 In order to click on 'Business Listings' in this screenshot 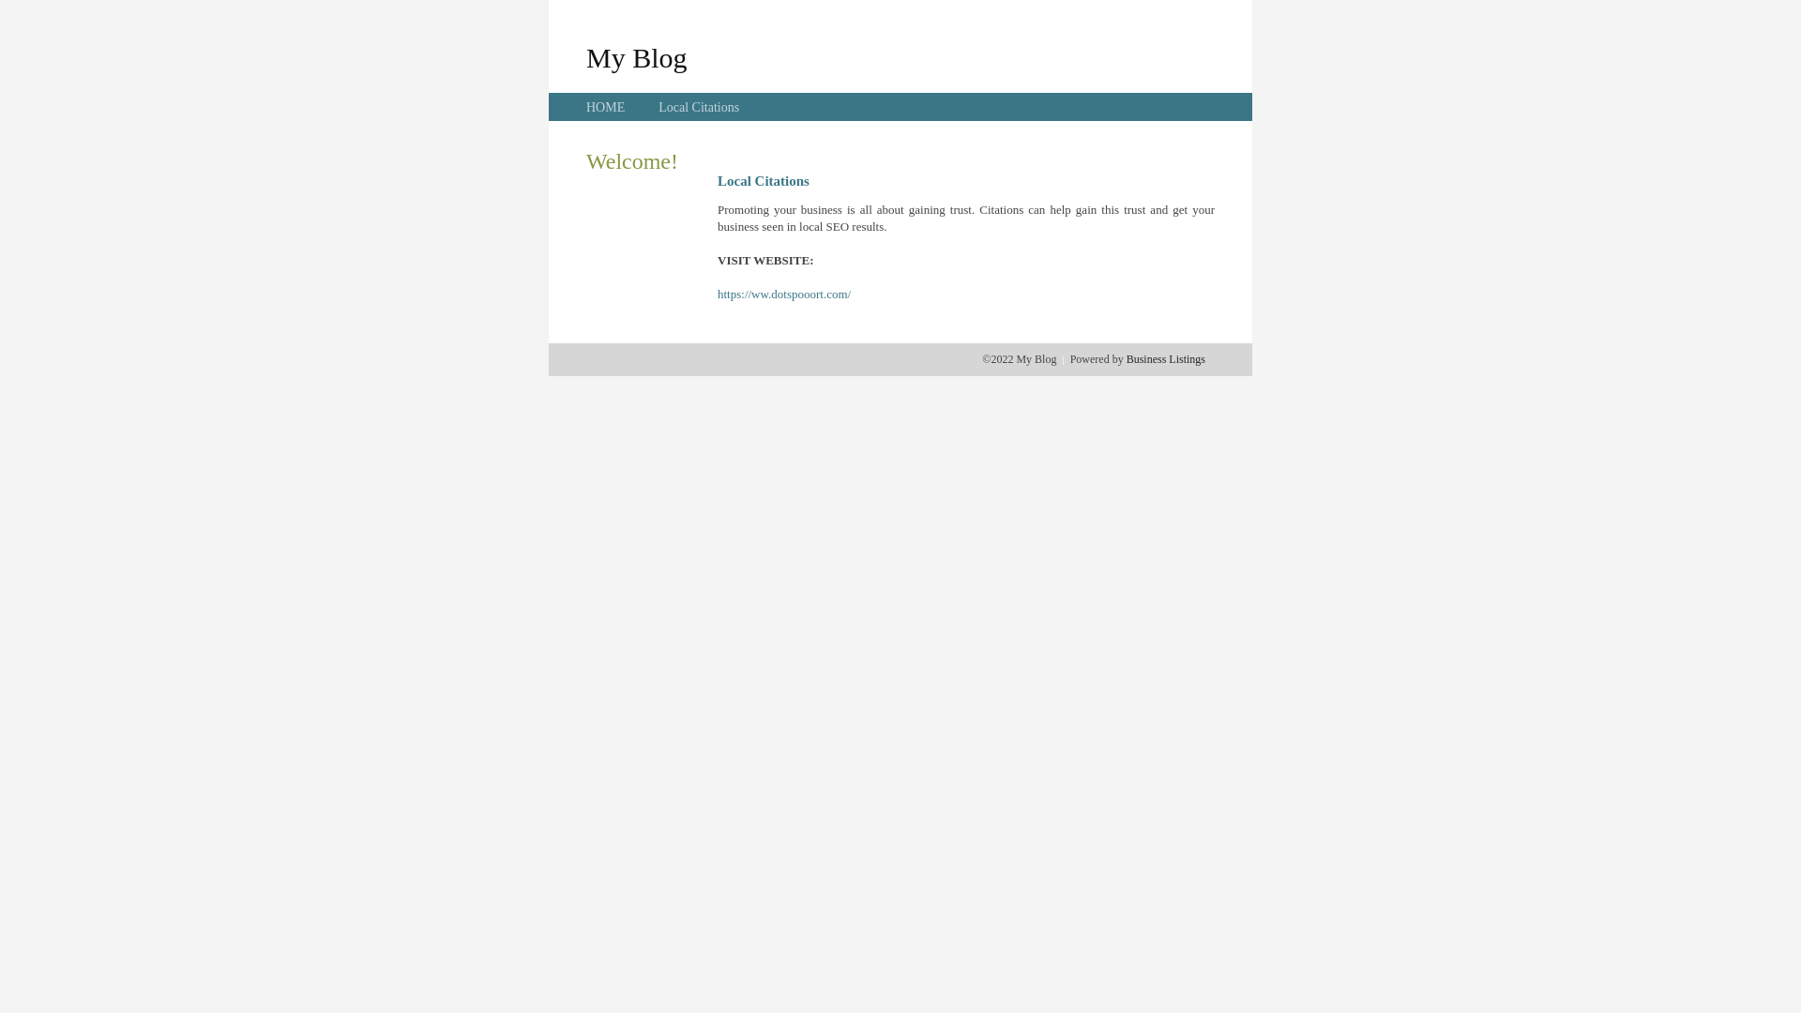, I will do `click(1126, 358)`.